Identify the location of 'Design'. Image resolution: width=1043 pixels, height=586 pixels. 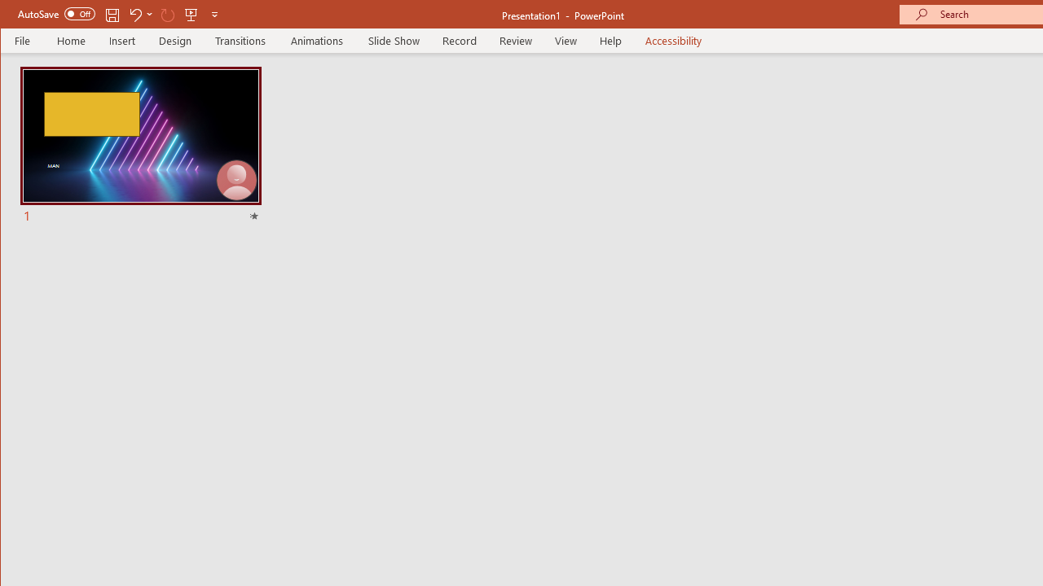
(175, 40).